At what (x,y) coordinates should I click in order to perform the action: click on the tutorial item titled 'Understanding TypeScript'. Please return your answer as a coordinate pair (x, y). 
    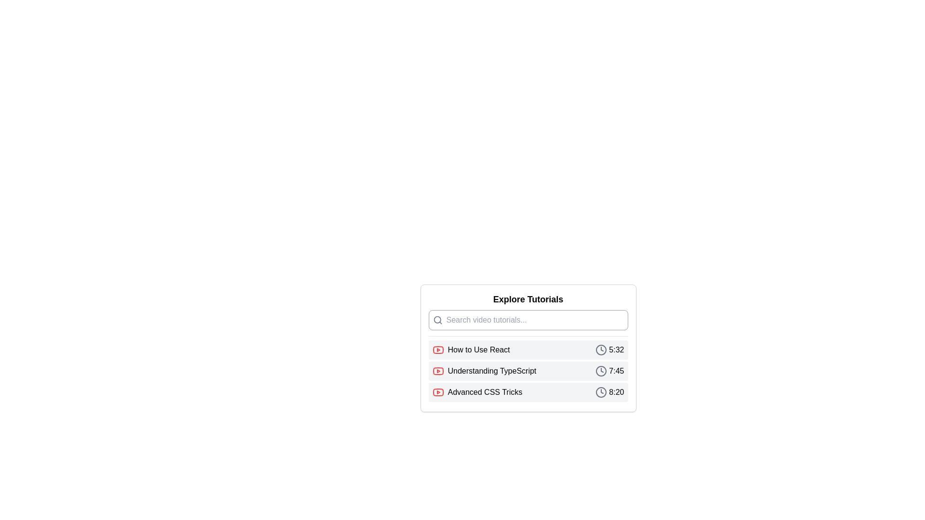
    Looking at the image, I should click on (528, 371).